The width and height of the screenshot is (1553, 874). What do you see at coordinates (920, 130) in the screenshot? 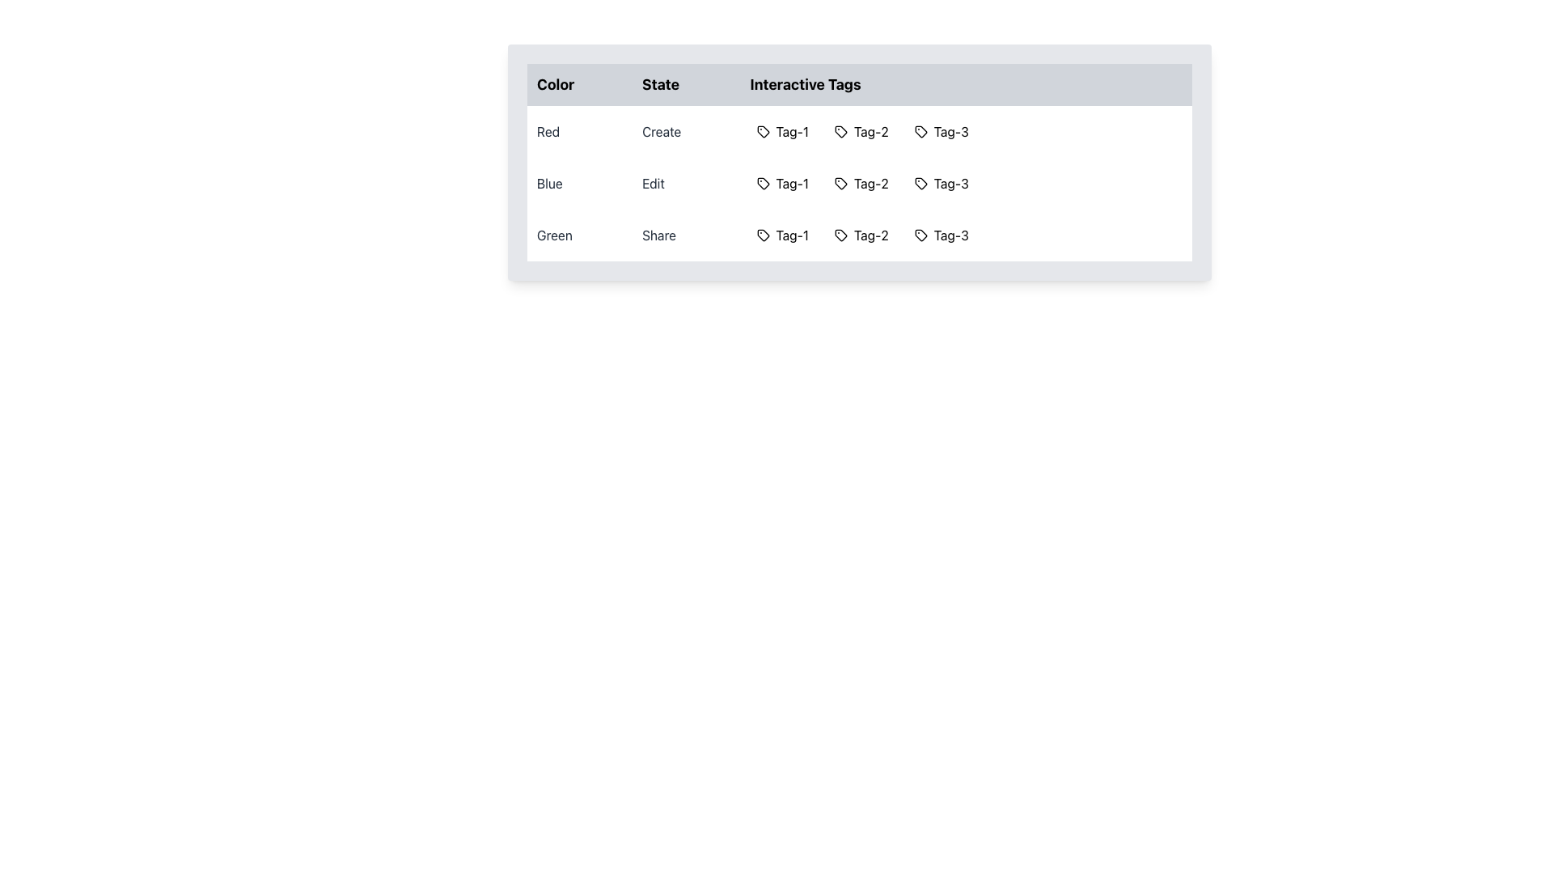
I see `the third tag icon in the 'Interactive Tags' column of the first row, which is associated with the 'Red' color and 'Create' state` at bounding box center [920, 130].